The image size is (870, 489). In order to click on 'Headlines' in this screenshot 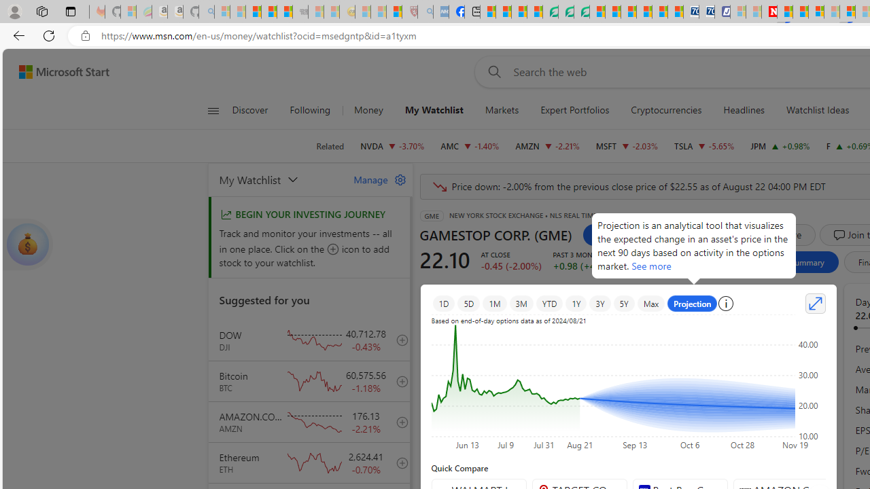, I will do `click(743, 110)`.